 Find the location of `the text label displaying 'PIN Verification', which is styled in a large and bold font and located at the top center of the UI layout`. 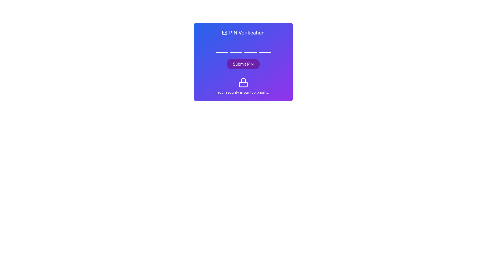

the text label displaying 'PIN Verification', which is styled in a large and bold font and located at the top center of the UI layout is located at coordinates (246, 33).